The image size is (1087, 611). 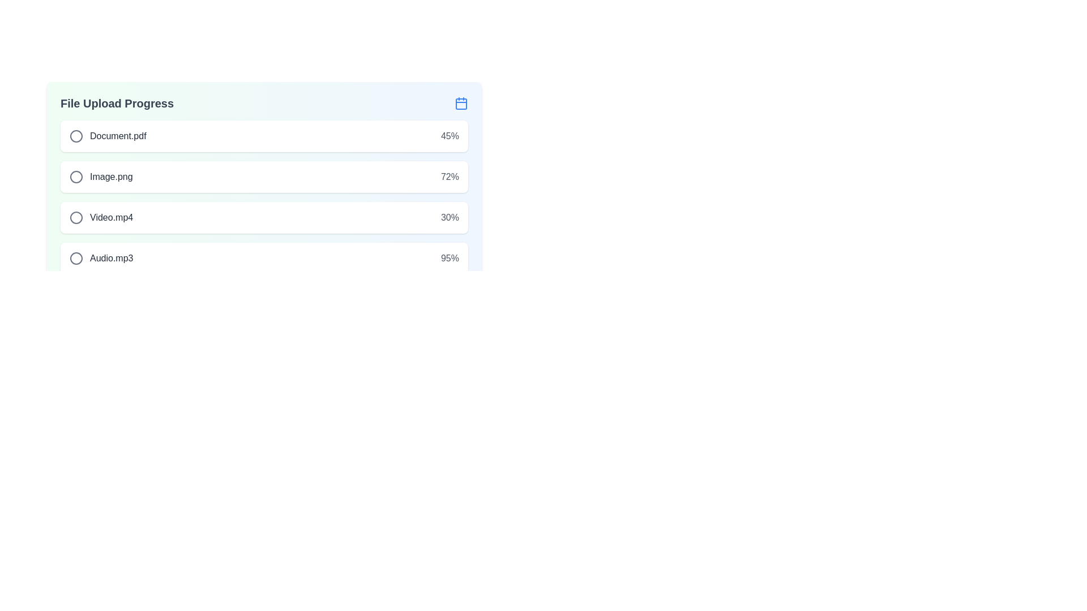 I want to click on Text label indicating the file name 'Audio.mp3', which is the last file in the file upload progress tracker, located to the right of the interactive radio button, so click(x=112, y=258).